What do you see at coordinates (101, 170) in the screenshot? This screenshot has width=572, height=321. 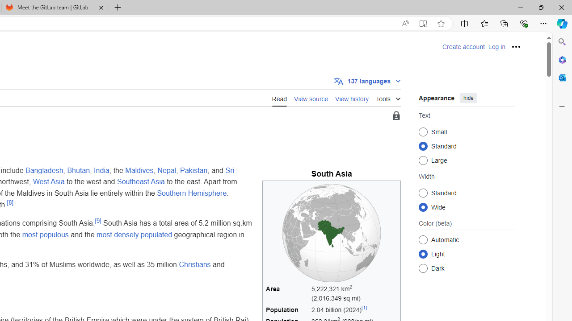 I see `'India'` at bounding box center [101, 170].